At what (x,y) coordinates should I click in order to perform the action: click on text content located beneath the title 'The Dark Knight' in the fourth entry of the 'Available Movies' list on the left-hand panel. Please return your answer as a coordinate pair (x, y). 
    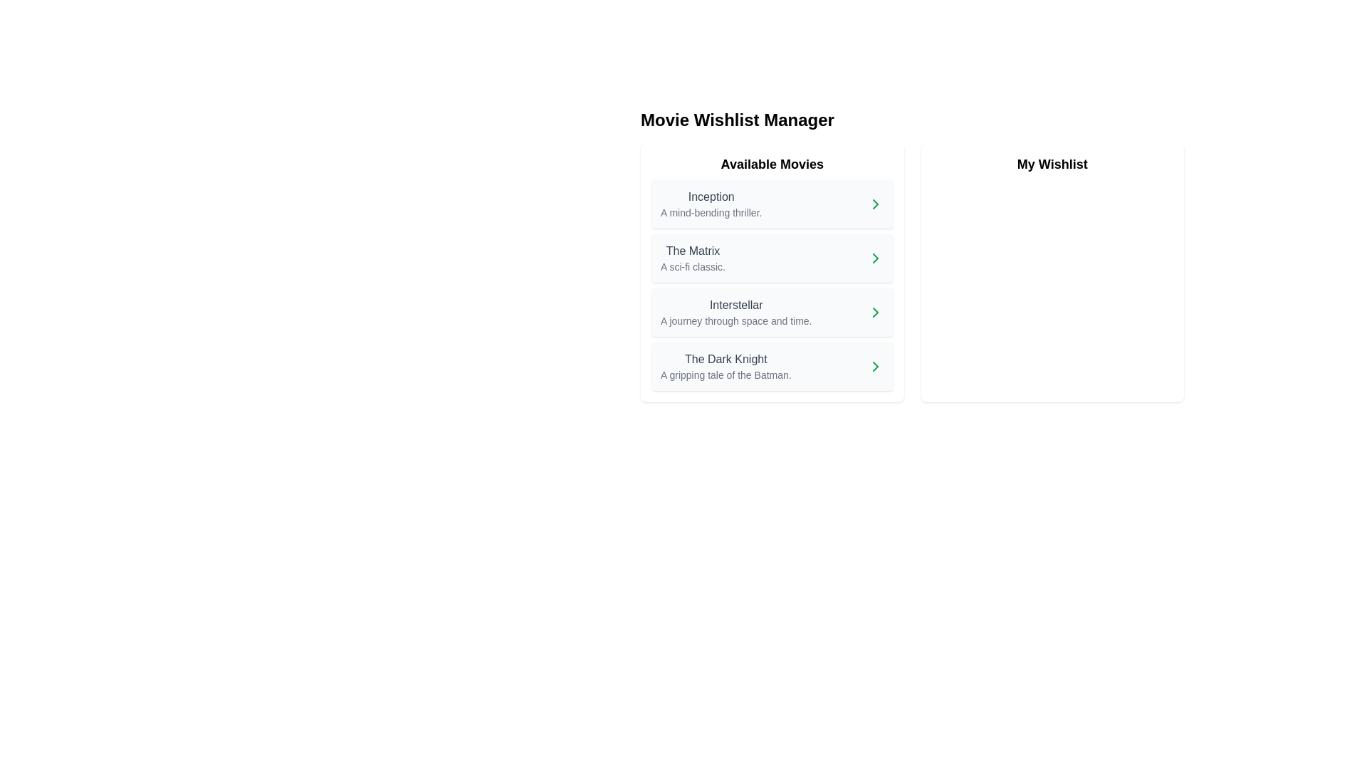
    Looking at the image, I should click on (726, 375).